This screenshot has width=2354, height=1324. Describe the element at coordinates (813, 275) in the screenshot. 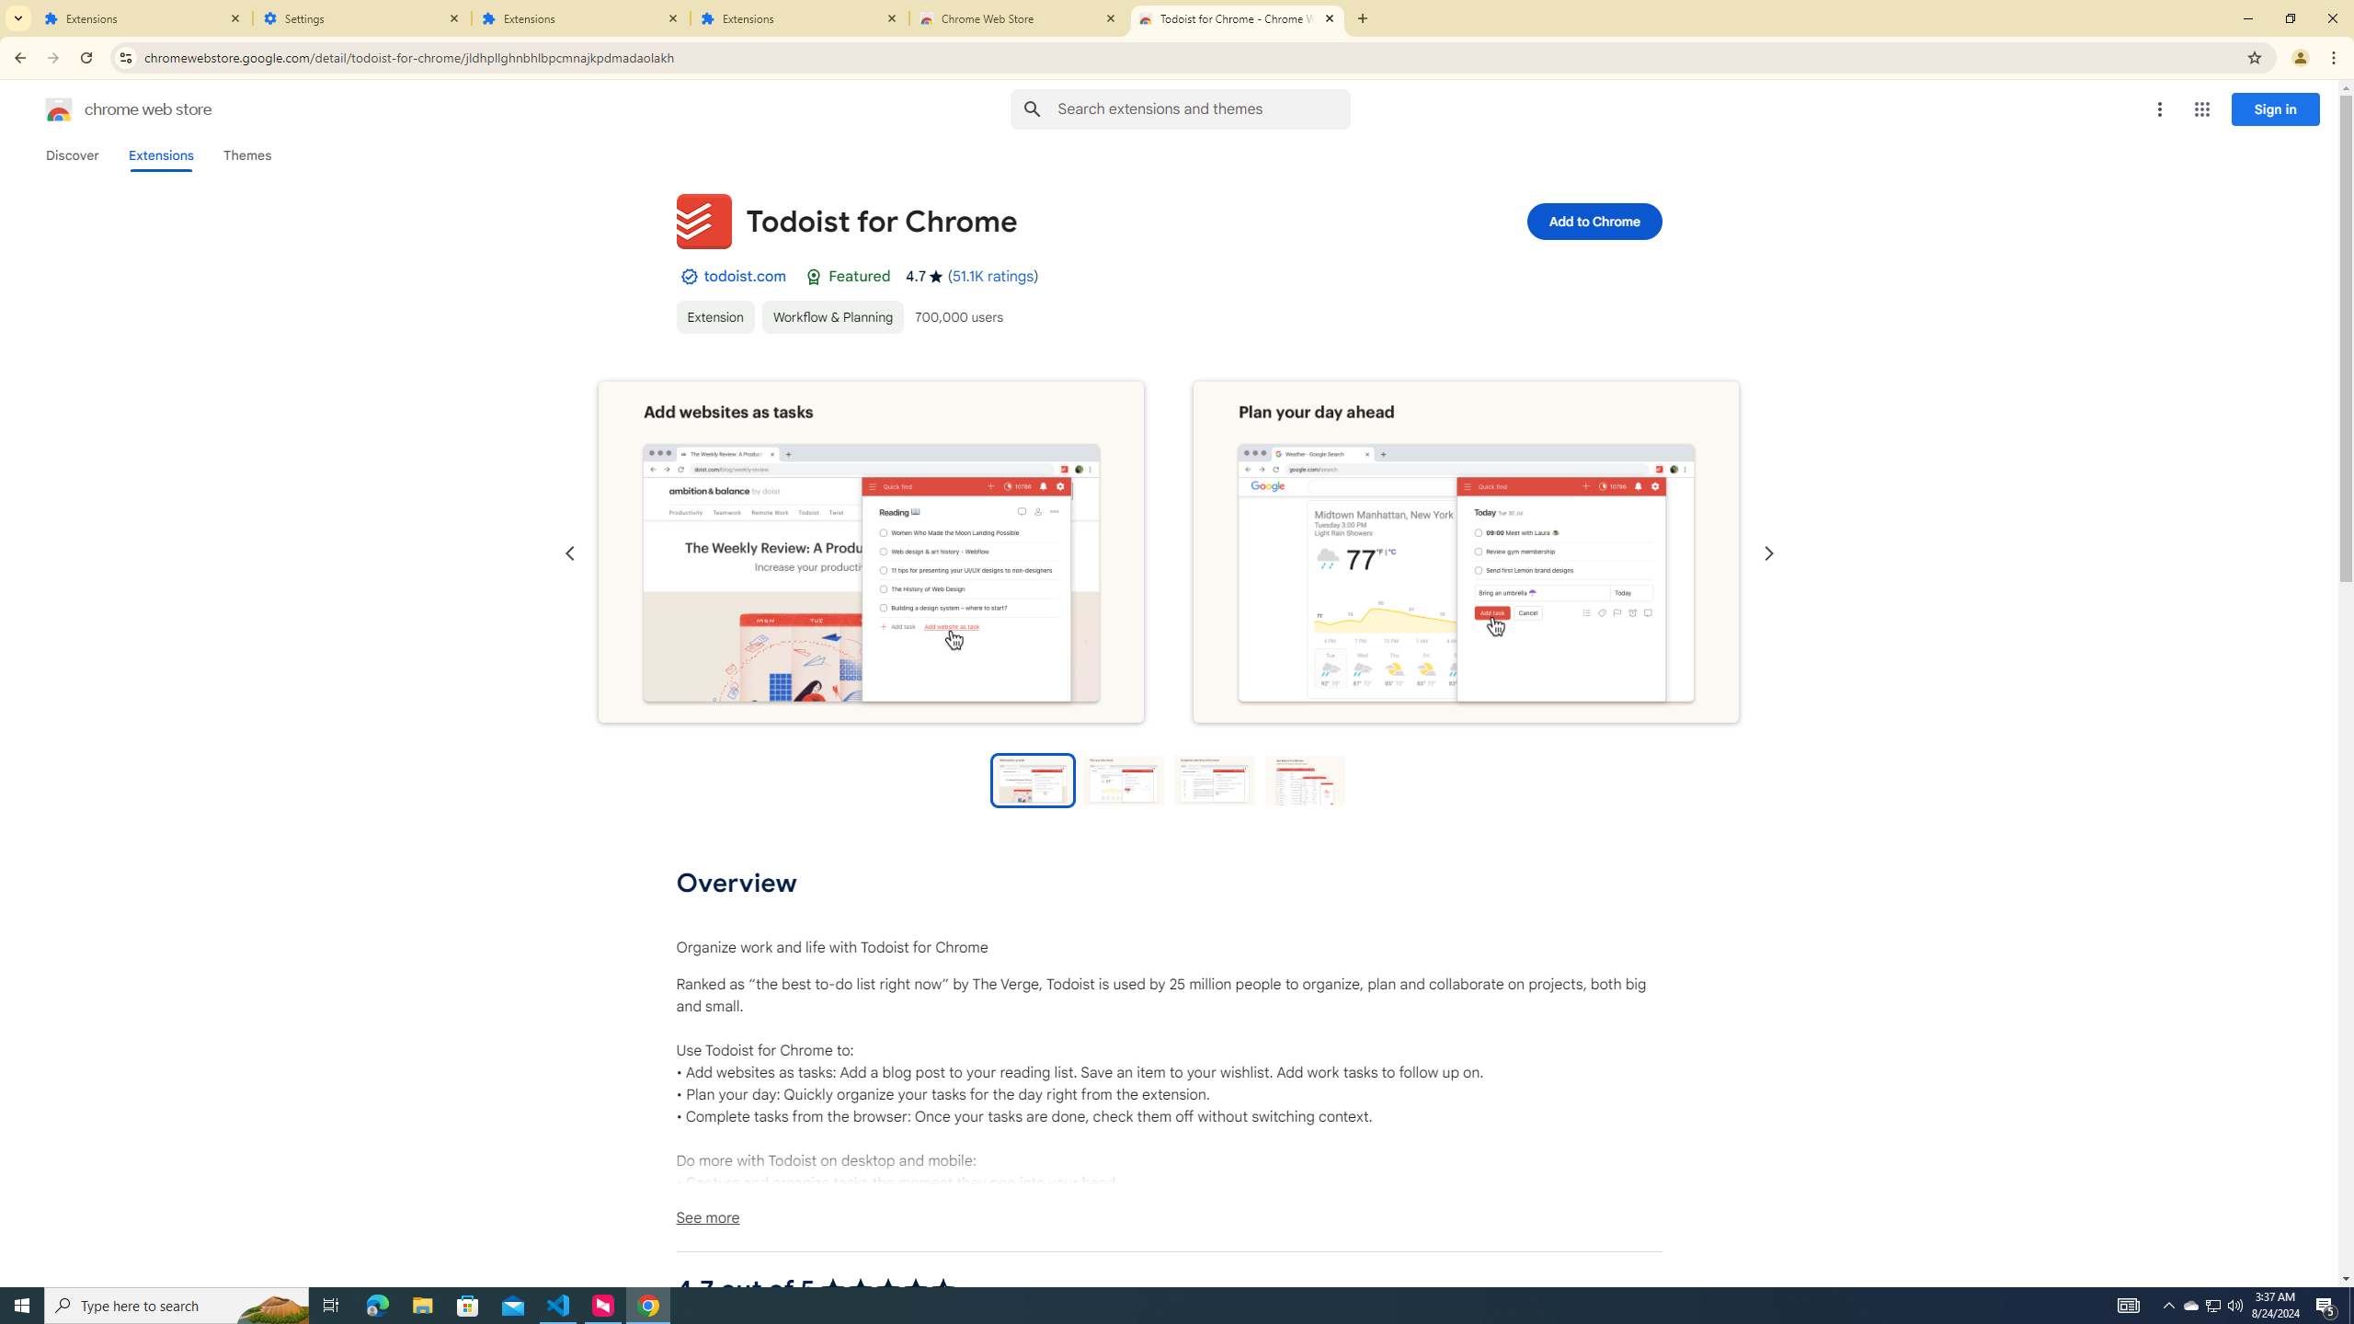

I see `'Featured Badge'` at that location.